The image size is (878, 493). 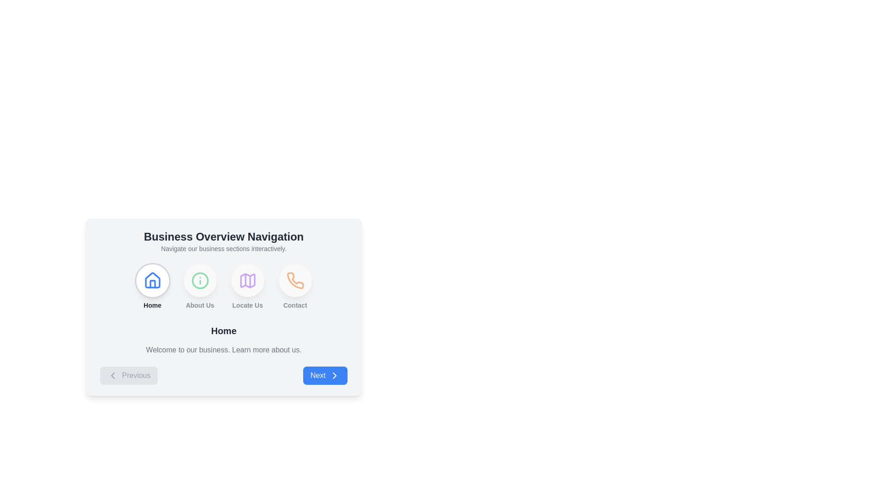 What do you see at coordinates (199, 305) in the screenshot?
I see `'About Us' text label located below the information icon in the Business Overview Navigation section to understand the associated feature` at bounding box center [199, 305].